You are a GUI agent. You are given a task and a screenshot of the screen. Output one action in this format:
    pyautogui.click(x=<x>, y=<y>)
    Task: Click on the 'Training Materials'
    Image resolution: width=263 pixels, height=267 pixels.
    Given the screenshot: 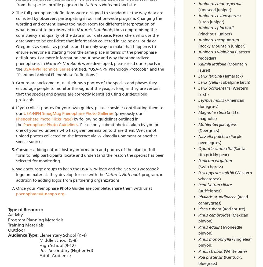 What is the action you would take?
    pyautogui.click(x=26, y=224)
    